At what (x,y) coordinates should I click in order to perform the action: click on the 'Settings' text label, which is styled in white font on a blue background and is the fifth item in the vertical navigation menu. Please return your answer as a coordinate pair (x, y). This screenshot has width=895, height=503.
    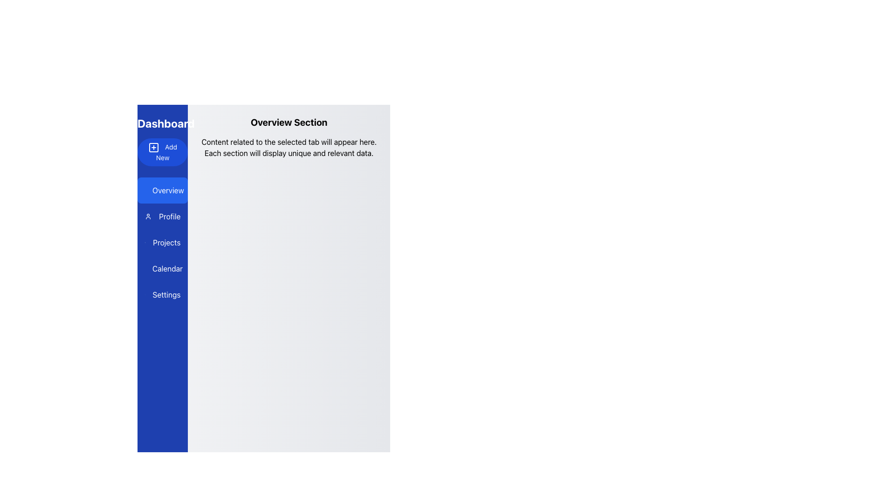
    Looking at the image, I should click on (163, 294).